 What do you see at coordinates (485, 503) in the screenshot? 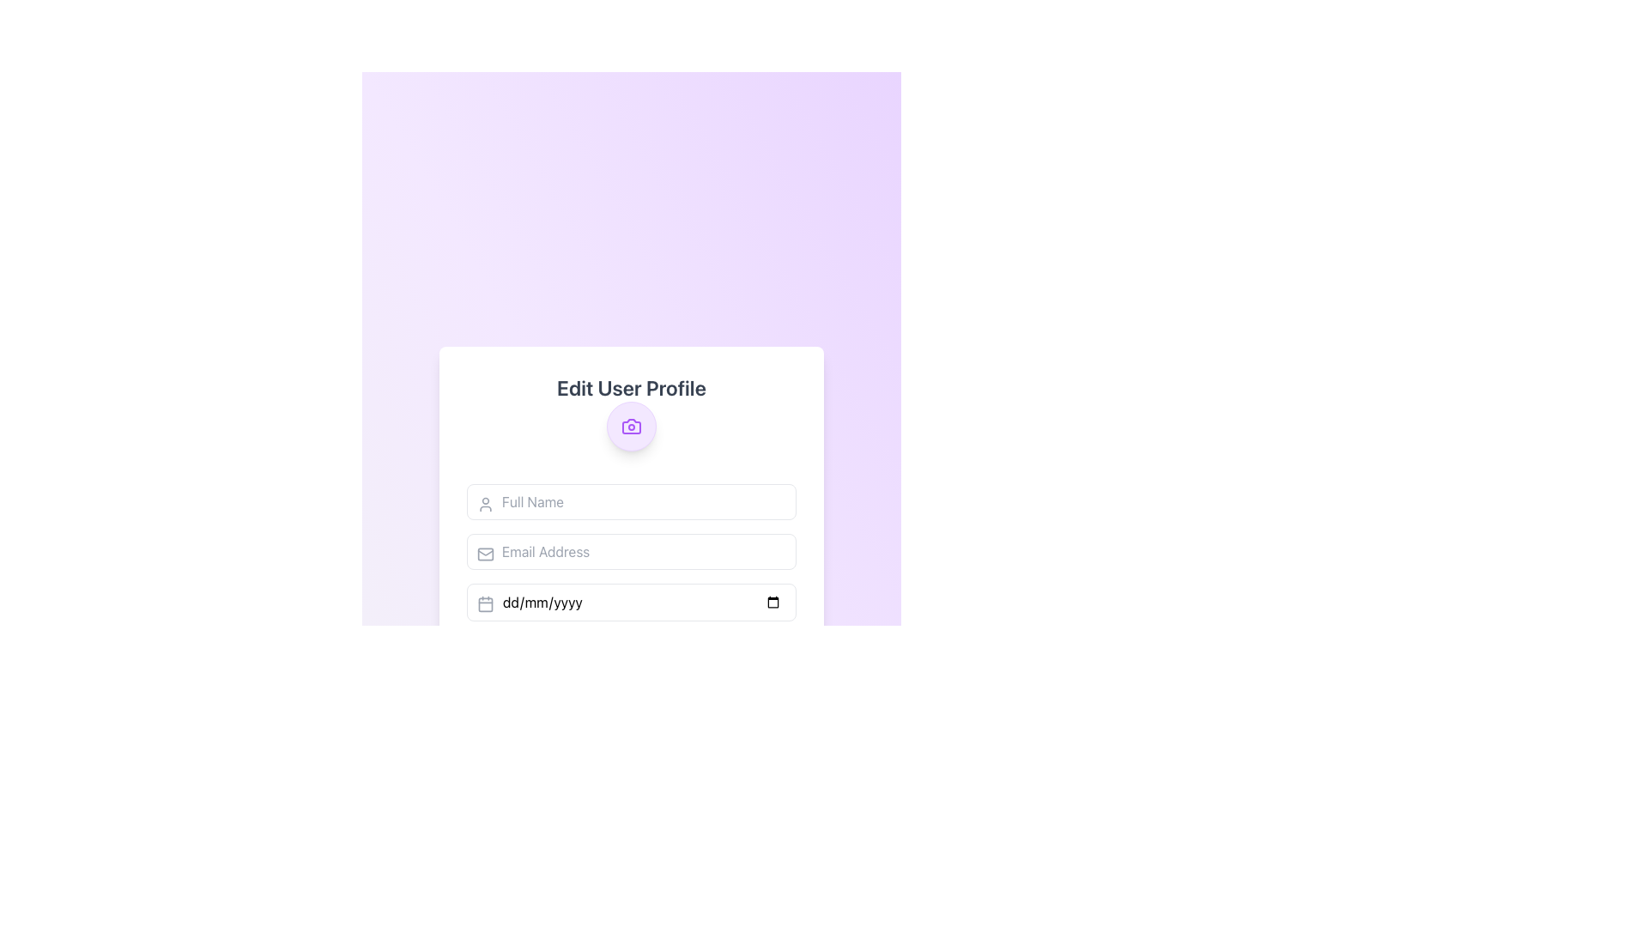
I see `the icon located at the top-left corner of the 'Full Name' text input field, which indicates the purpose of the field for entering a user's name` at bounding box center [485, 503].